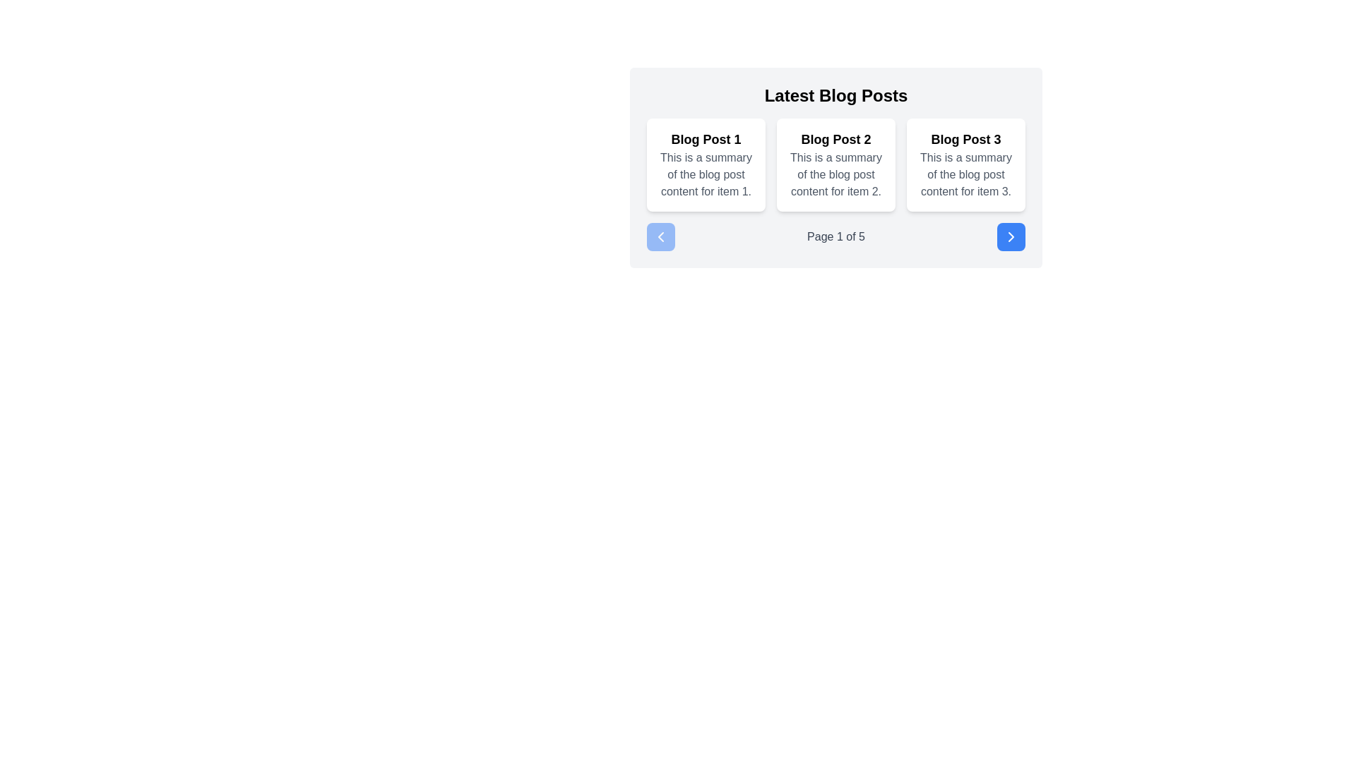 The width and height of the screenshot is (1356, 762). I want to click on the backward navigation icon represented by the left arrow in the pagination interface, located at the center of the button on the left side of the pagination control, so click(660, 236).